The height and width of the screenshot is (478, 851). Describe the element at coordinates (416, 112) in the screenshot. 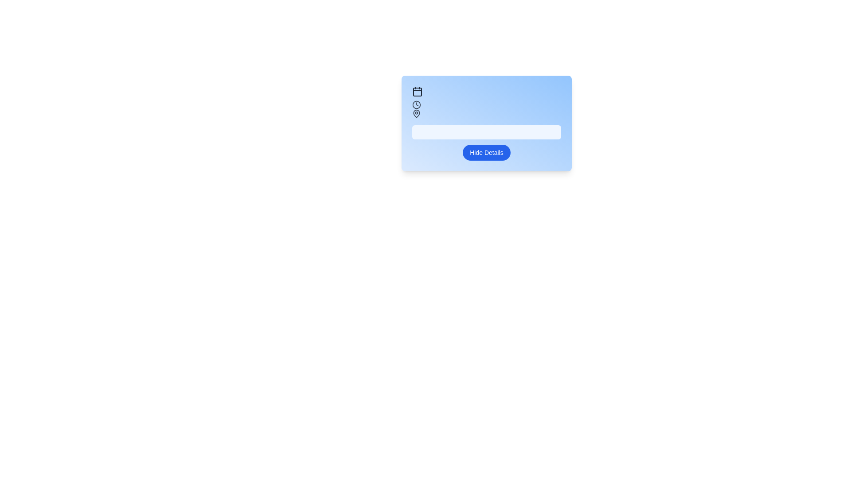

I see `the location indicator icon, which is the third icon in the vertical sequence on the left side of the panel, located below the calendar and clock icons` at that location.